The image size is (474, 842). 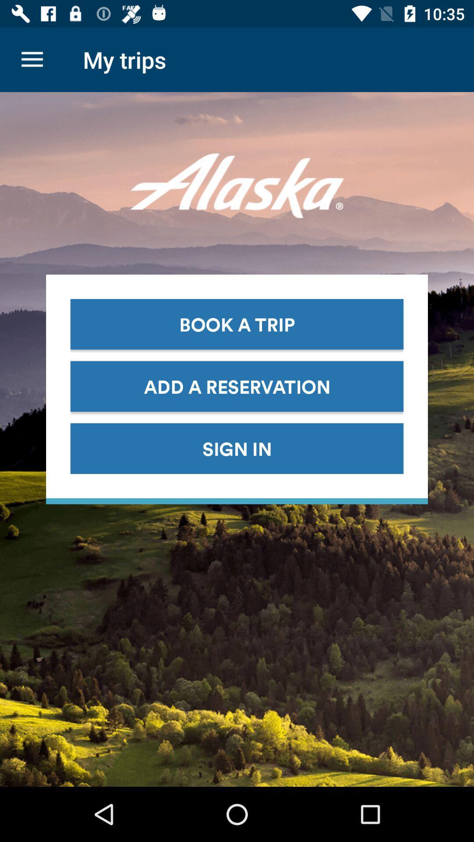 I want to click on the item to the left of the my trips icon, so click(x=32, y=59).